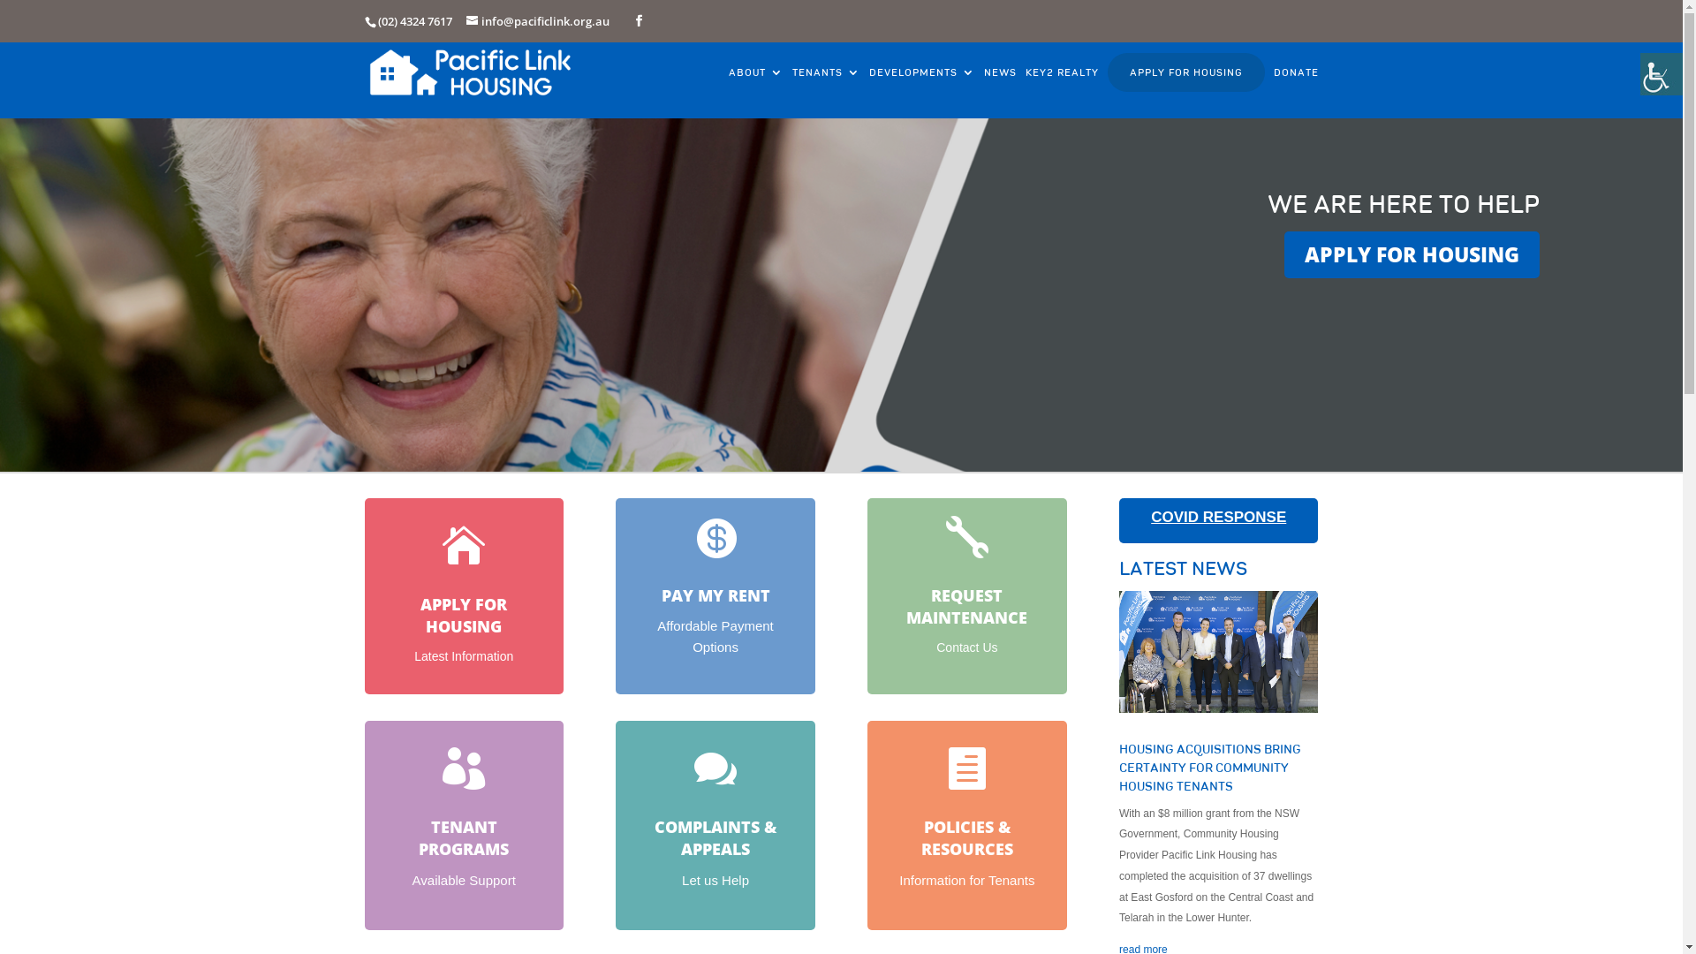  I want to click on 'WE ARE HERE TO HELP', so click(1402, 202).